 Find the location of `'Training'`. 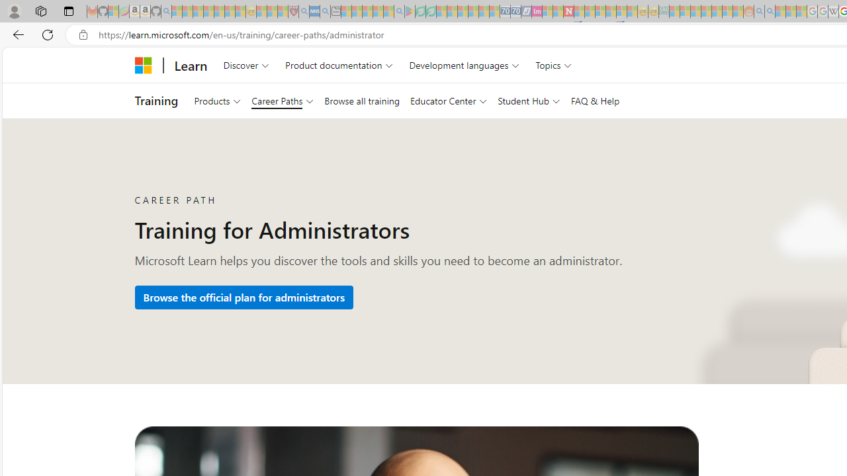

'Training' is located at coordinates (156, 100).